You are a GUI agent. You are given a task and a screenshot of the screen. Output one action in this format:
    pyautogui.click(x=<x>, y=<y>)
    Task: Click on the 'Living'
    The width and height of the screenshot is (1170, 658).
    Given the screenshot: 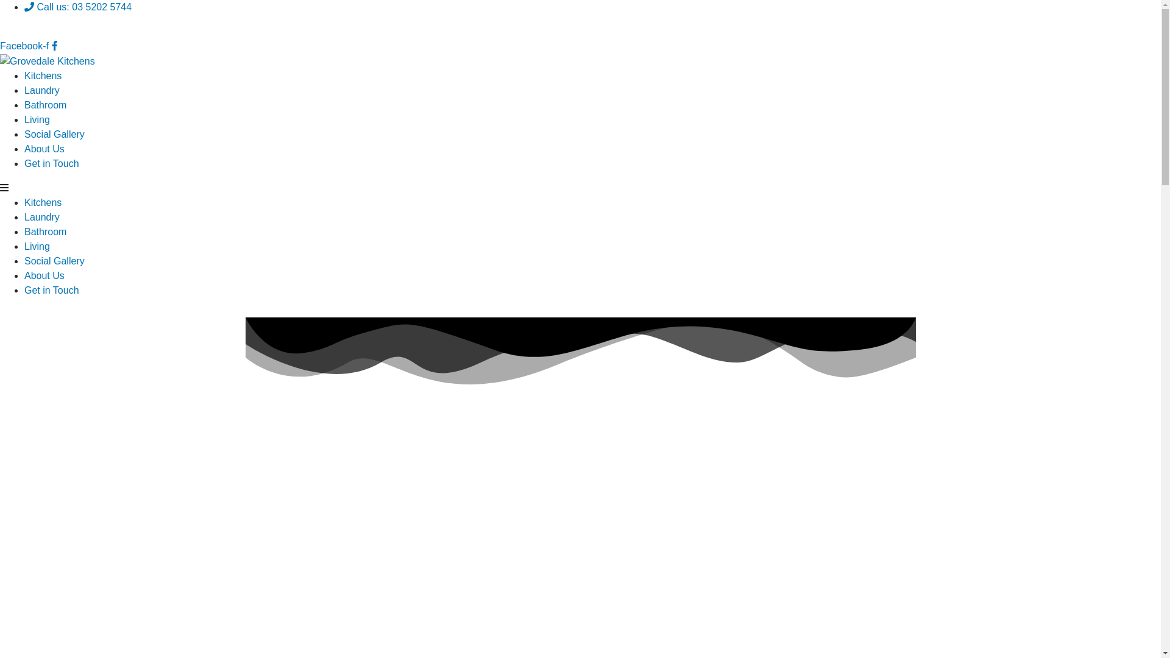 What is the action you would take?
    pyautogui.click(x=37, y=246)
    